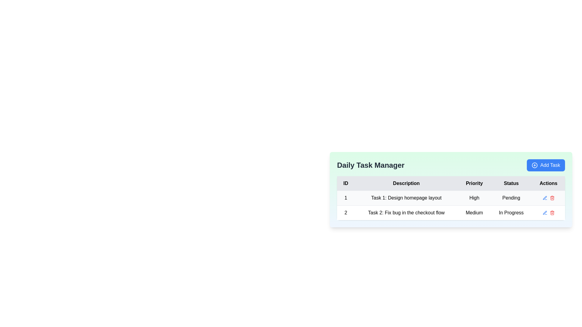 Image resolution: width=582 pixels, height=327 pixels. What do you see at coordinates (546, 165) in the screenshot?
I see `the 'Add Task' button which has a blue background, white text, and a plus sign icon` at bounding box center [546, 165].